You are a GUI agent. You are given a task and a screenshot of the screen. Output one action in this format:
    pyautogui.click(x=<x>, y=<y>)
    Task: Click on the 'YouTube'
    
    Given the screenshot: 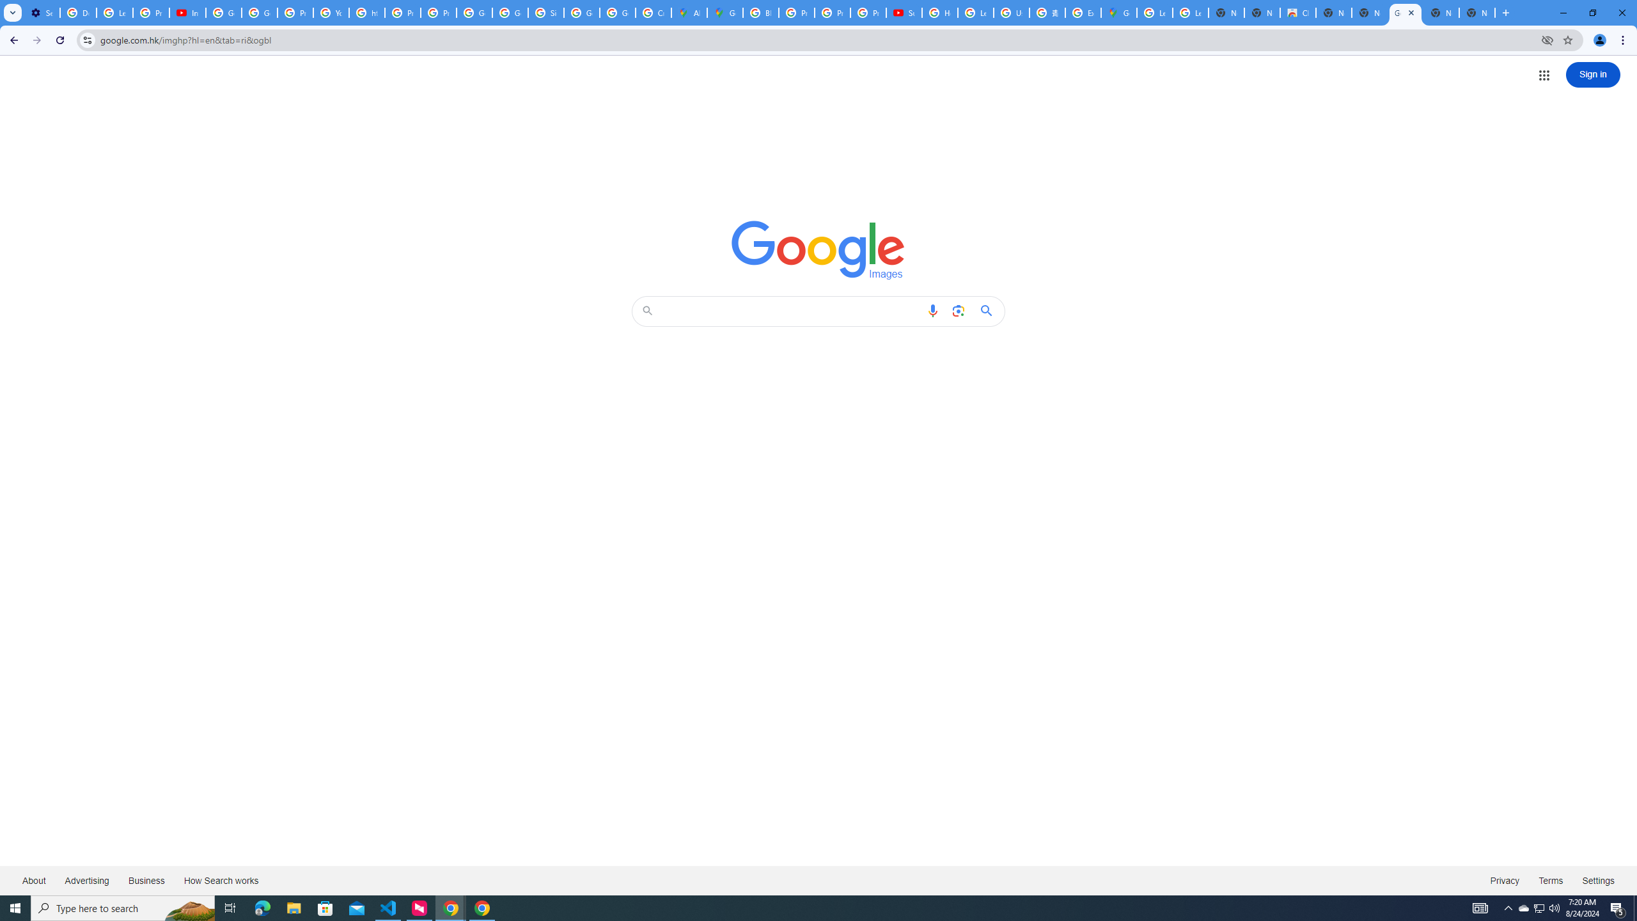 What is the action you would take?
    pyautogui.click(x=331, y=12)
    